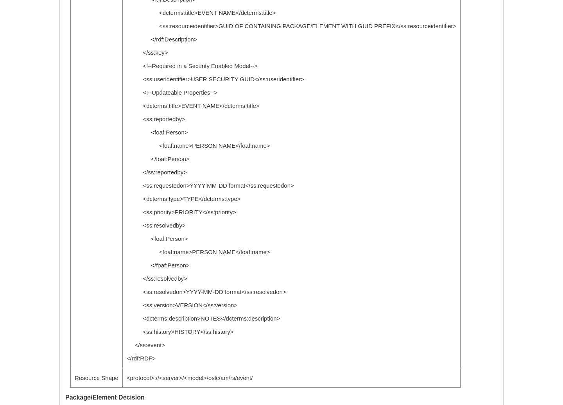  I want to click on '<protocol>://<server>/<model>/oslc/am/rs/event/', so click(189, 378).